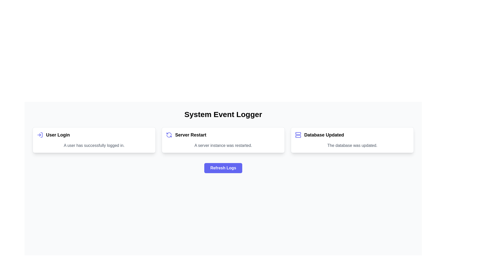 The image size is (486, 273). Describe the element at coordinates (298, 136) in the screenshot. I see `the lower illustrative rectangle of the server icon in the 'Database Updated' section, which is part of an SVG-based graphical component` at that location.